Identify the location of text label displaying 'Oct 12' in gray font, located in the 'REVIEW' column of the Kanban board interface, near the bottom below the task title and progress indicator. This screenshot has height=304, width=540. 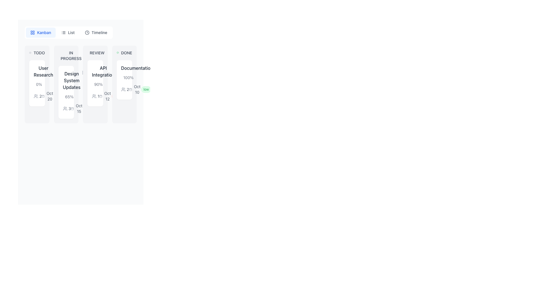
(107, 96).